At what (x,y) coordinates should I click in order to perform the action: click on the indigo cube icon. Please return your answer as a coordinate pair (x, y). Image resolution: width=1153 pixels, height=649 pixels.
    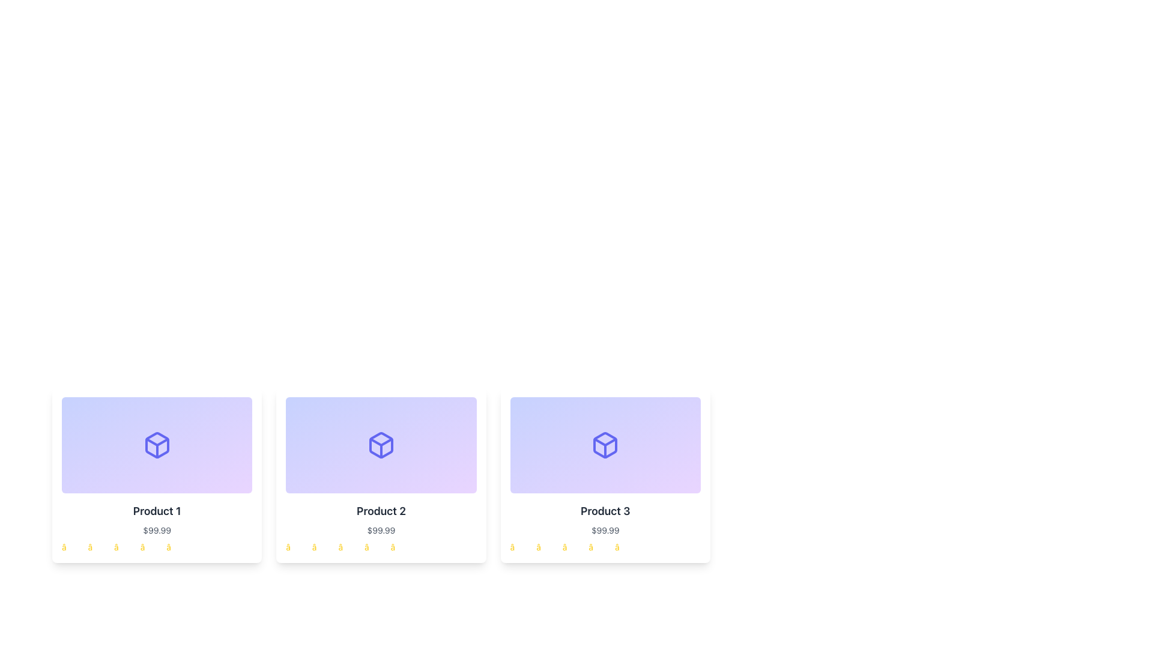
    Looking at the image, I should click on (605, 445).